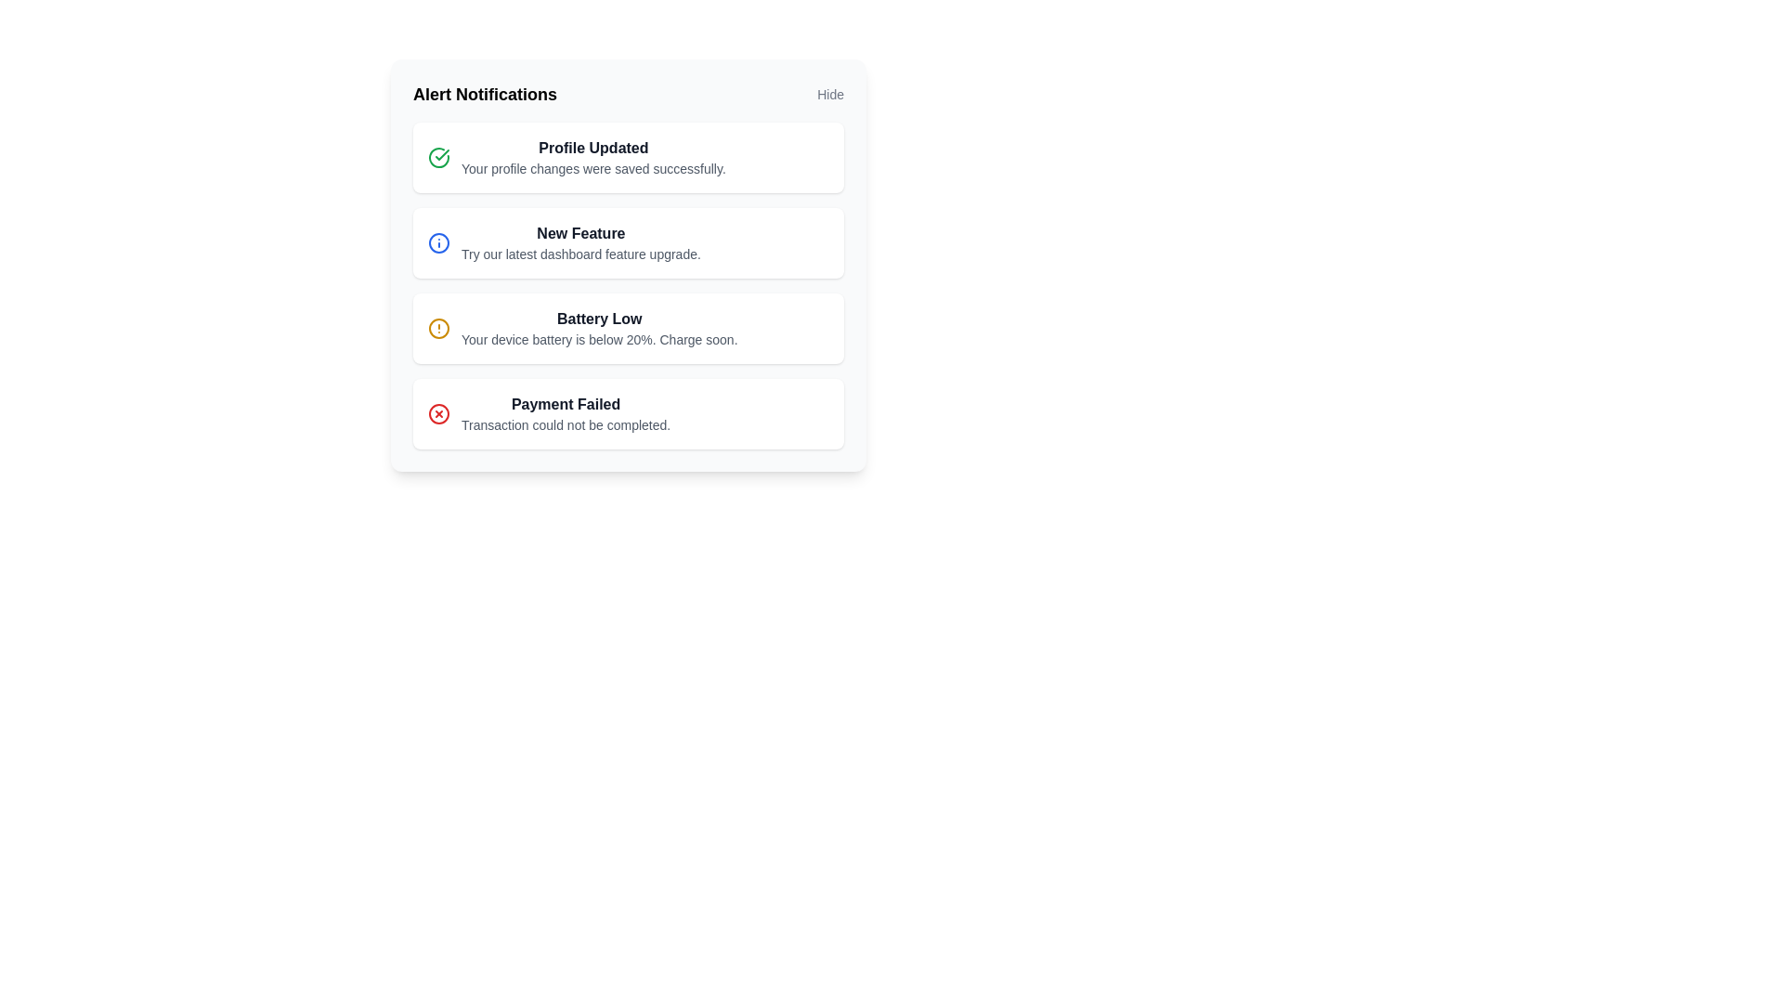 This screenshot has width=1783, height=1003. Describe the element at coordinates (592, 147) in the screenshot. I see `the bold text label that reads 'Profile Updated', which is positioned at the top left of a notification card` at that location.